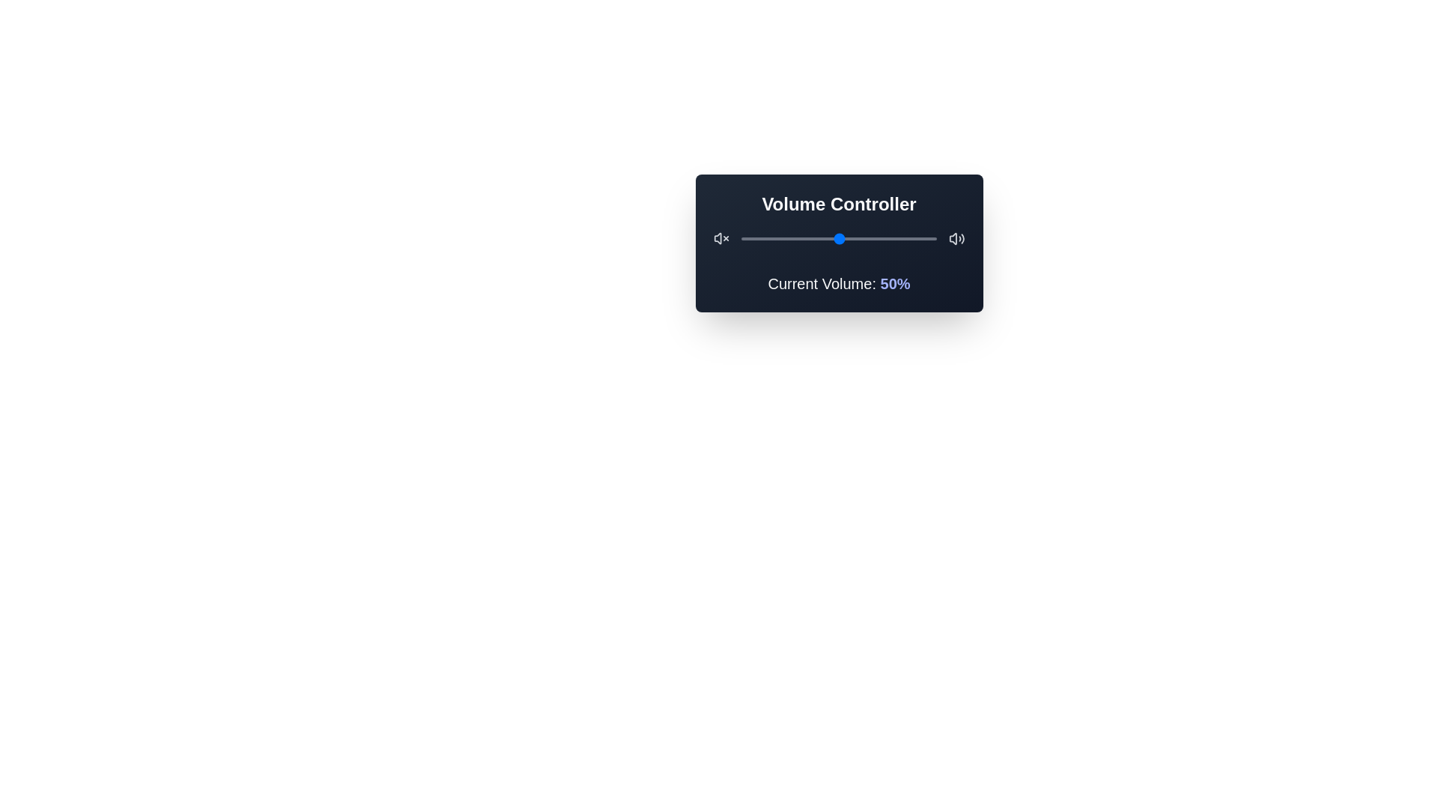 This screenshot has width=1438, height=809. What do you see at coordinates (721, 238) in the screenshot?
I see `the mute icon to the left of the slider` at bounding box center [721, 238].